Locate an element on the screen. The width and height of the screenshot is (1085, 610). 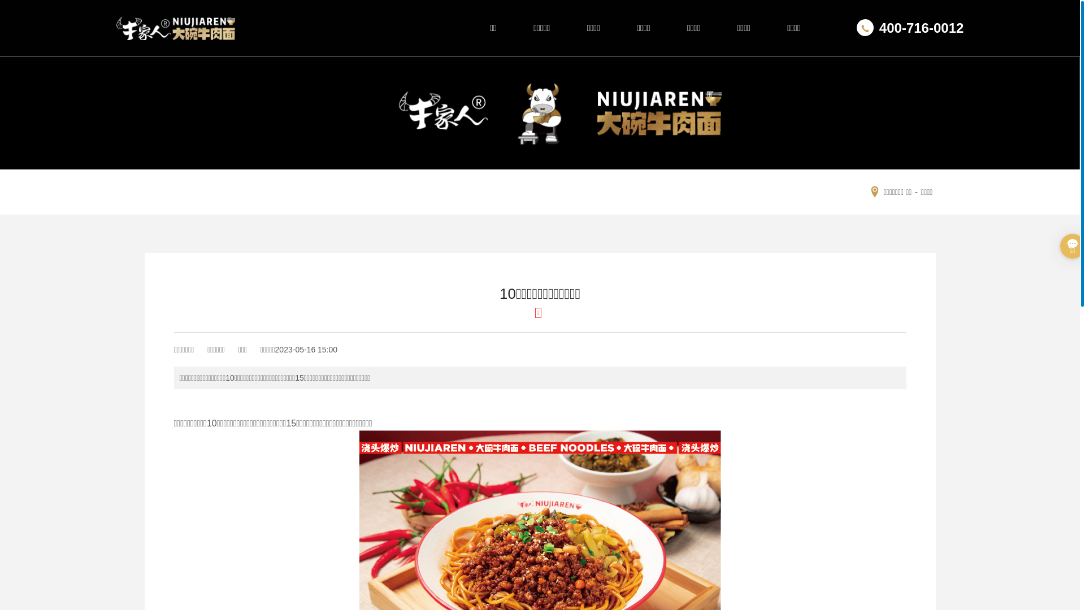
'400-716-0012' is located at coordinates (910, 28).